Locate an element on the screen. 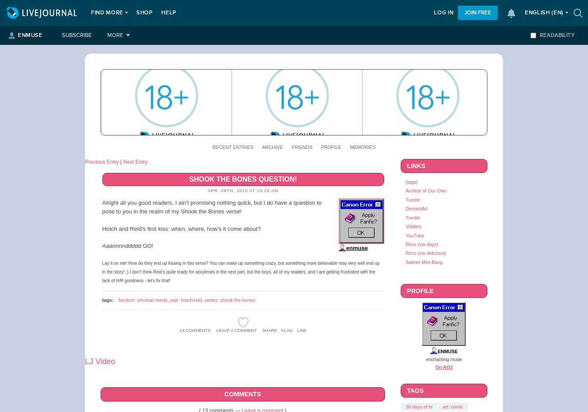 The image size is (588, 412). 'Archive' is located at coordinates (272, 147).